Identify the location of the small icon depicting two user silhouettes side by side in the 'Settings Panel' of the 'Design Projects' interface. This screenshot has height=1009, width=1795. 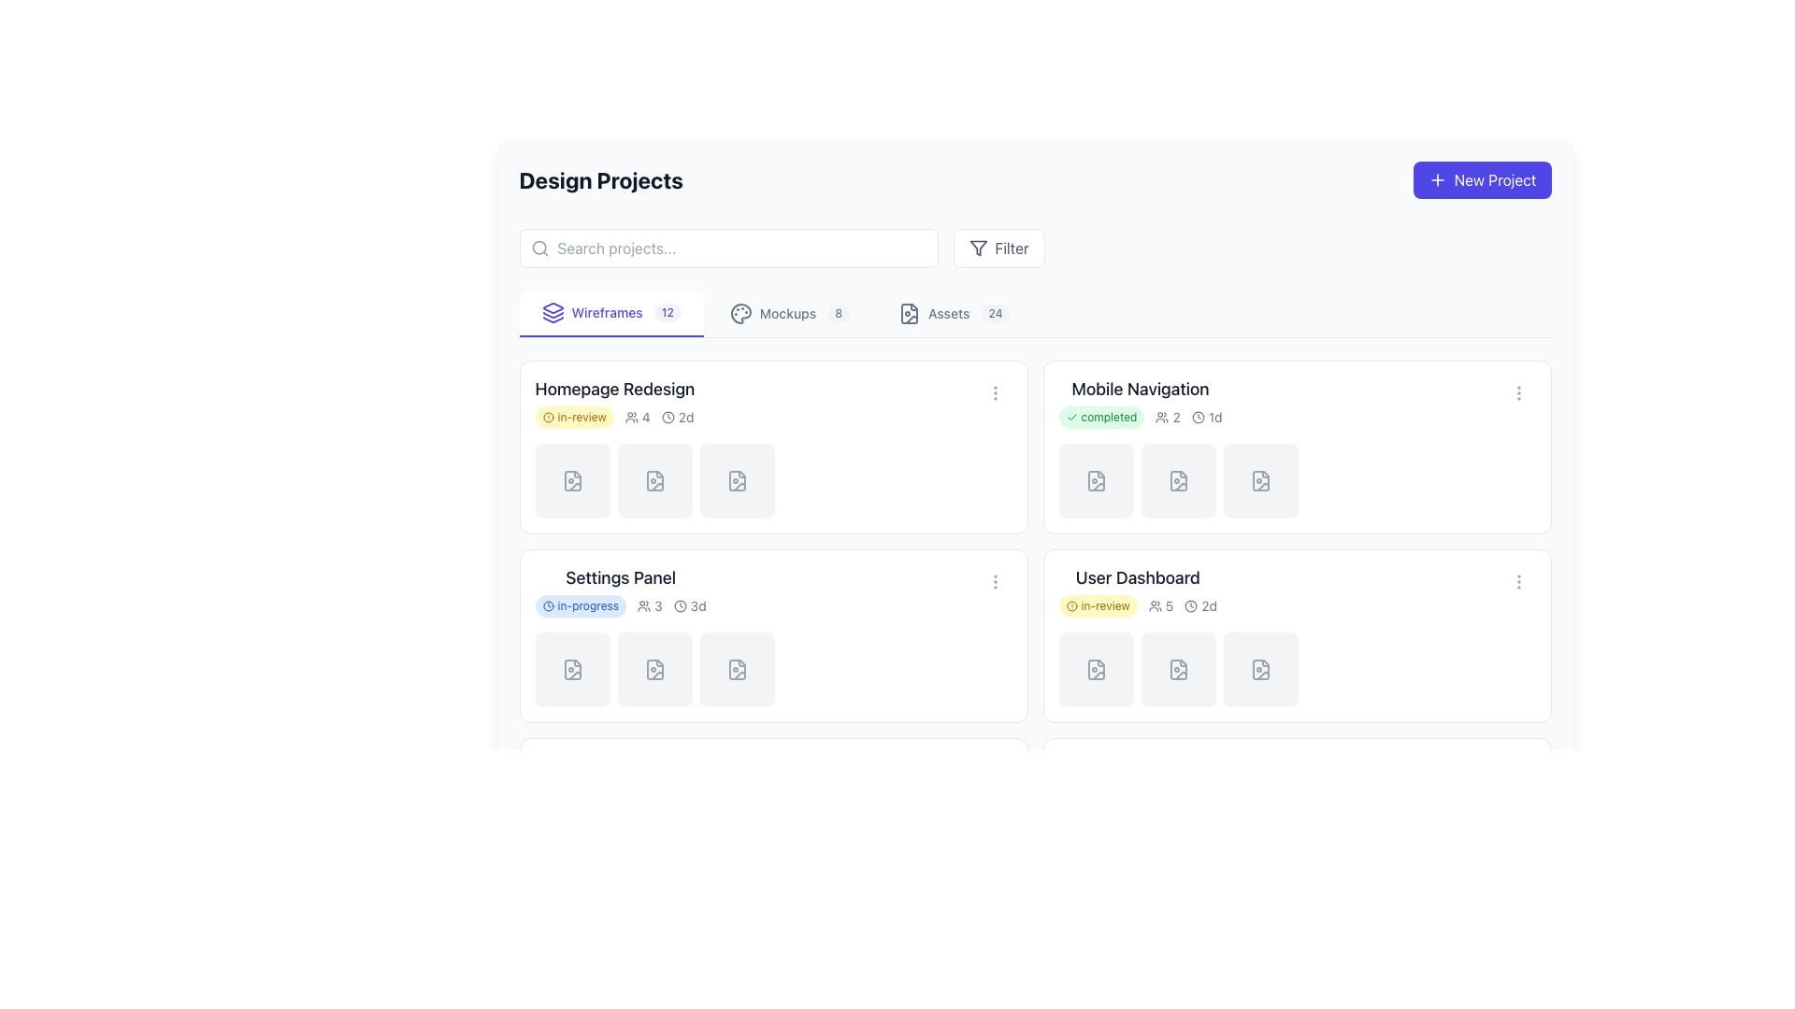
(643, 605).